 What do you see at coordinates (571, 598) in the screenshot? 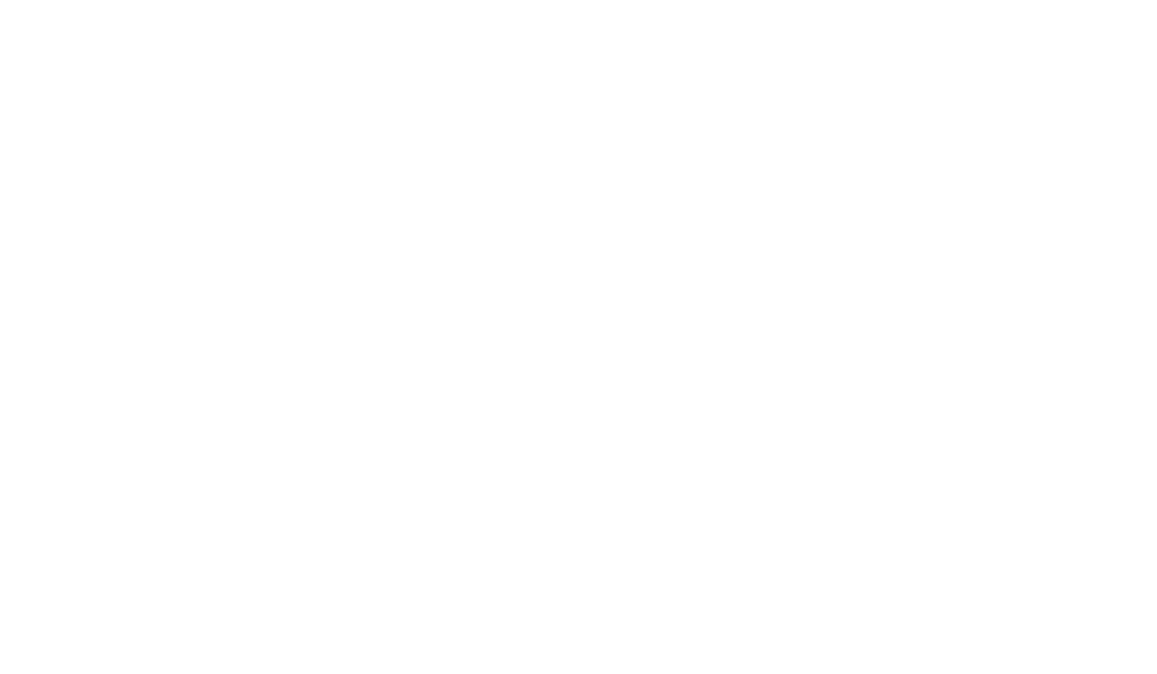
I see `'Discover now'` at bounding box center [571, 598].